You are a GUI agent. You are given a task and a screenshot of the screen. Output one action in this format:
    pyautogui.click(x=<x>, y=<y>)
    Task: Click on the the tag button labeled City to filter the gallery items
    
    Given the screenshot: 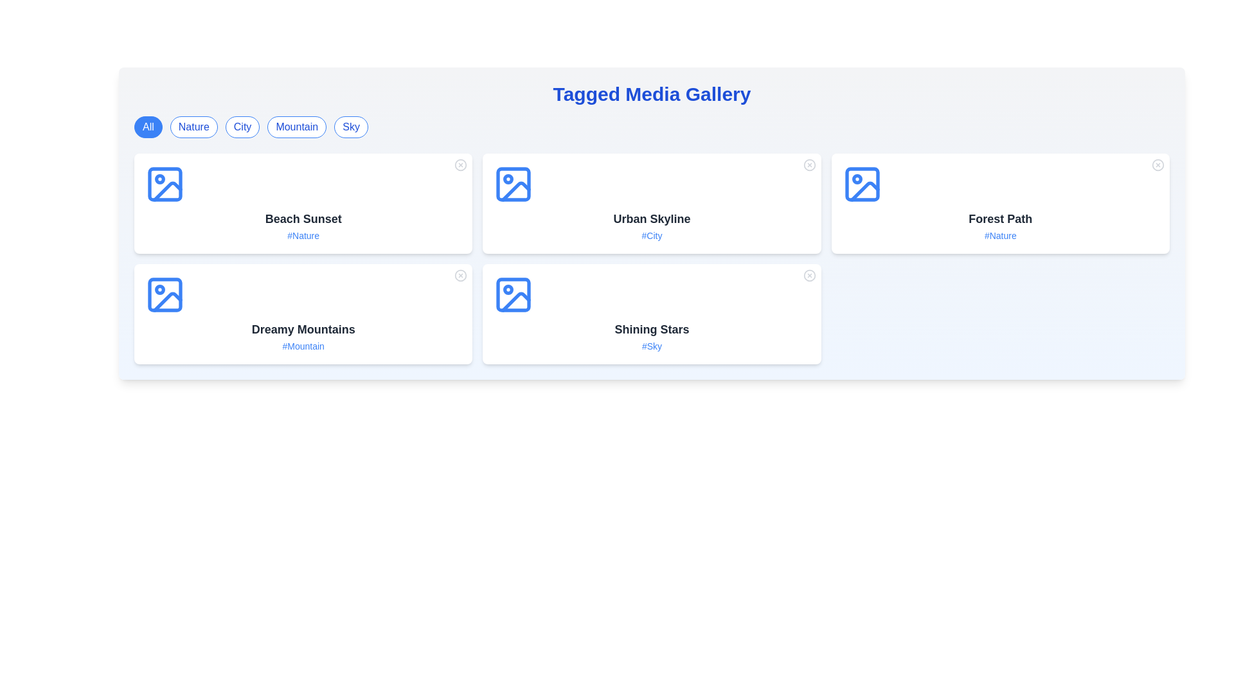 What is the action you would take?
    pyautogui.click(x=242, y=127)
    